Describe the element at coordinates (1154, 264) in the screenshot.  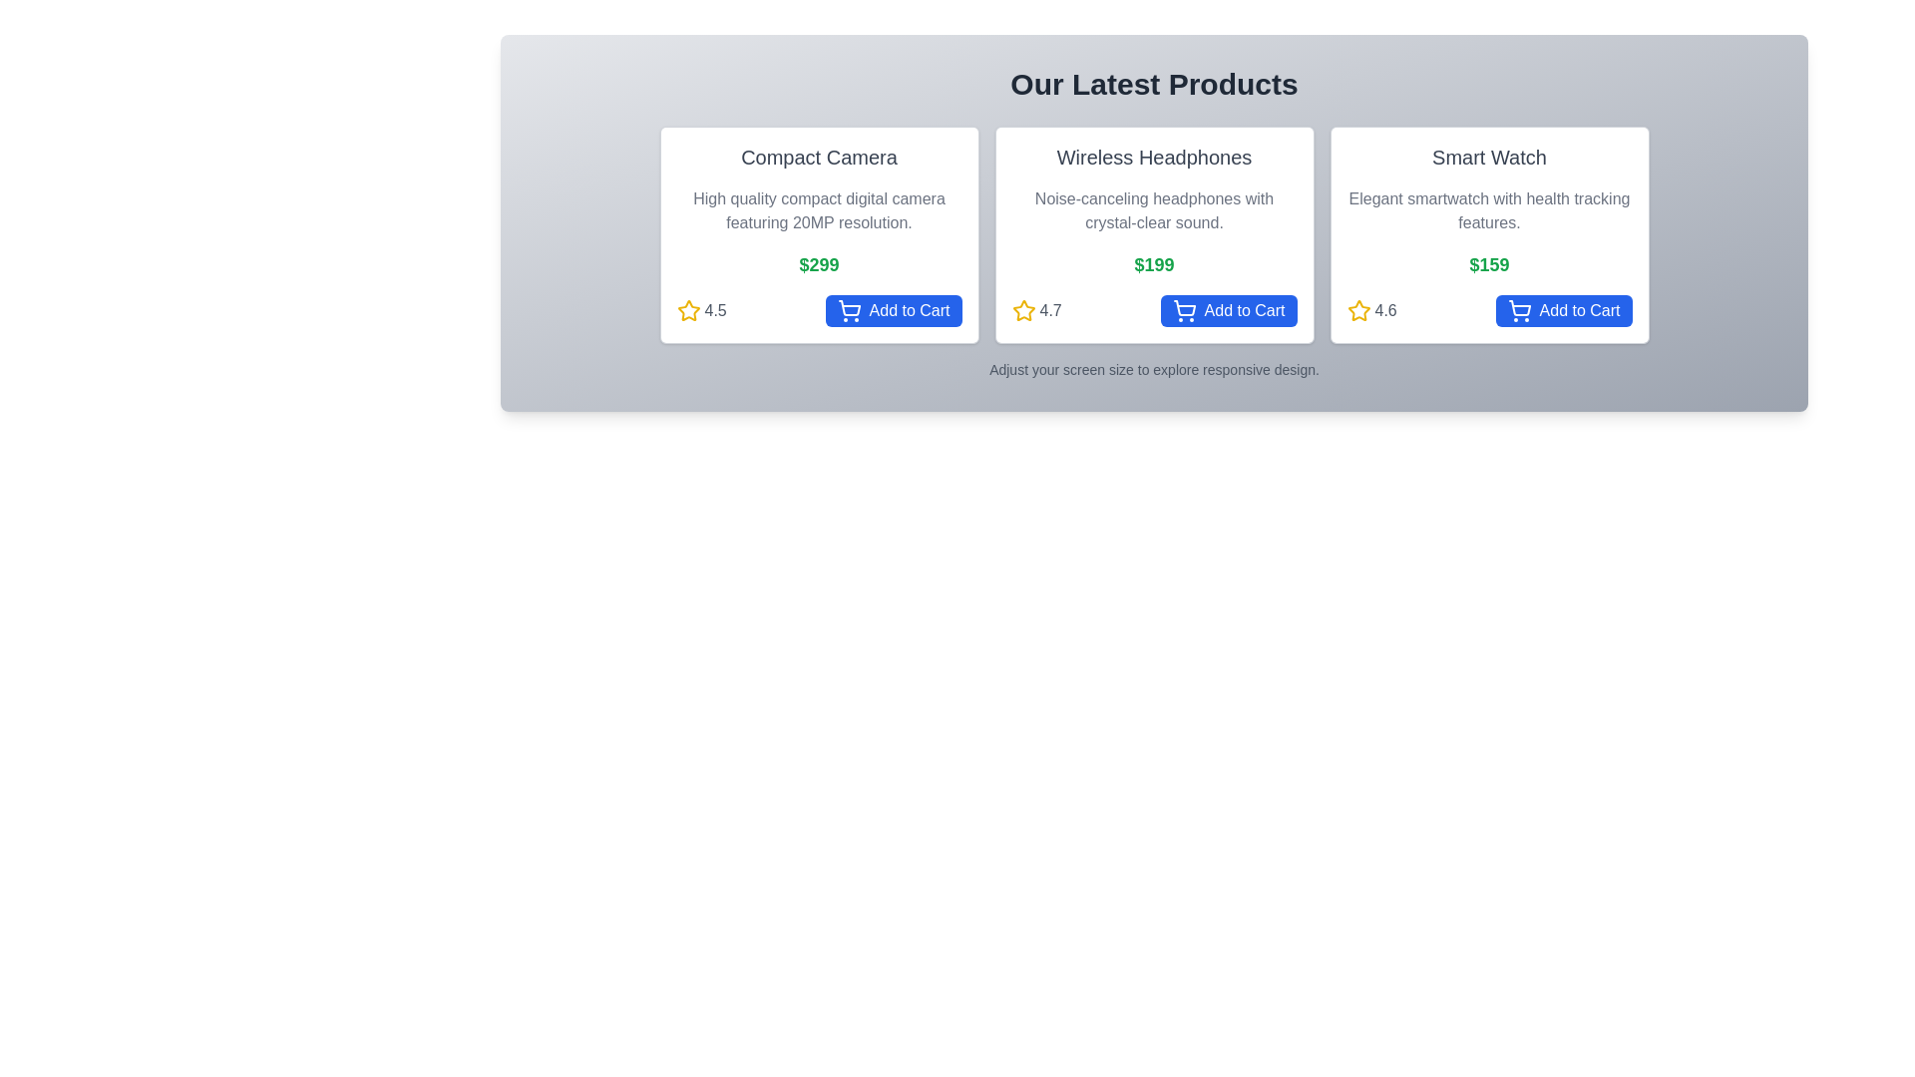
I see `text content of the price label displaying '$199' in a large, green, bold font located within the product card for 'Wireless Headphones'` at that location.